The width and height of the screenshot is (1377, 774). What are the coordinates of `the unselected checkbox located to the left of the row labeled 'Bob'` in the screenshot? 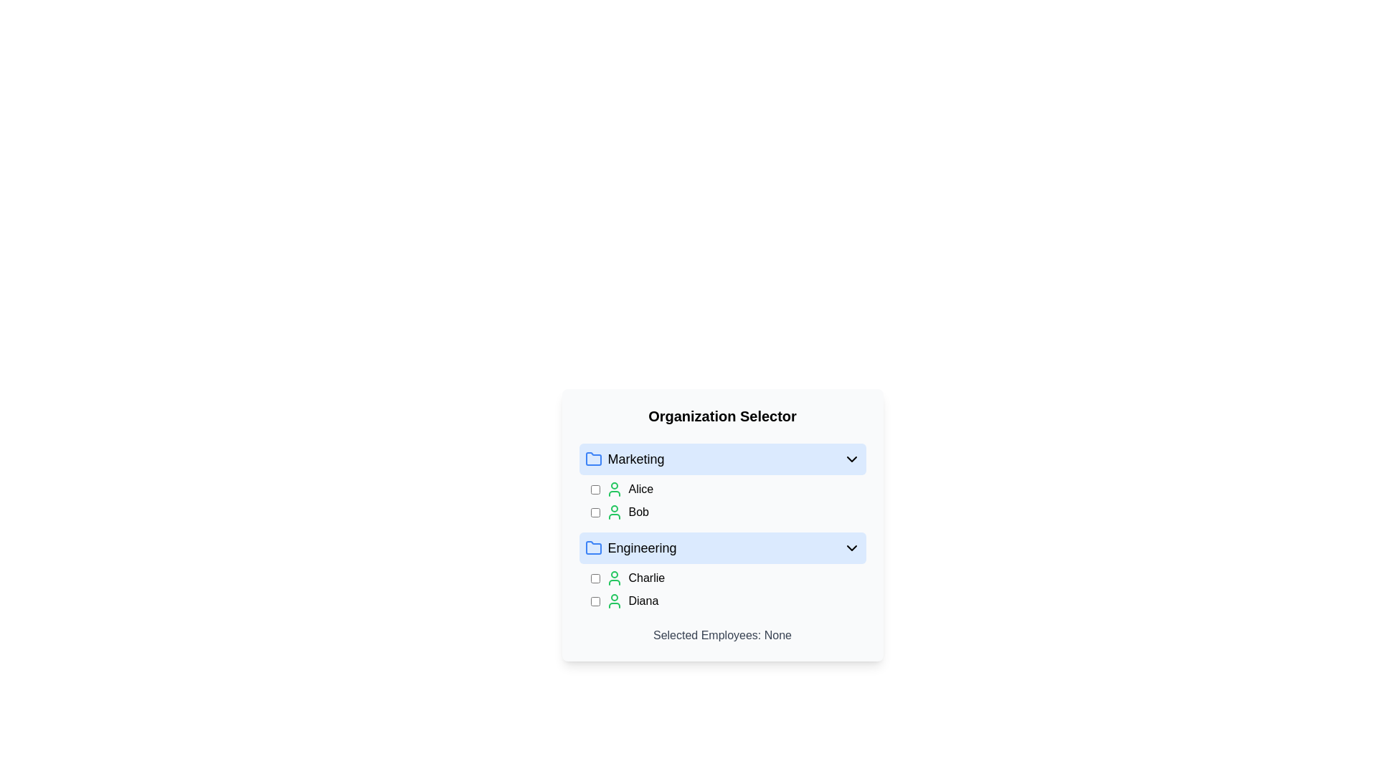 It's located at (595, 511).